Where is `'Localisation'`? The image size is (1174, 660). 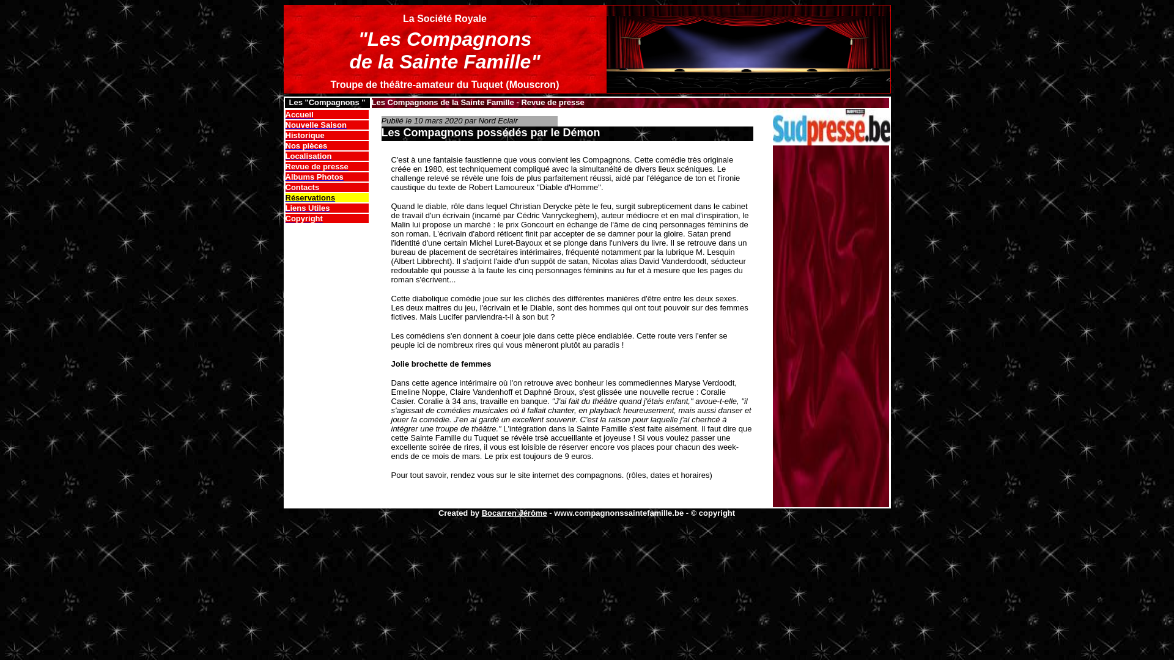
'Localisation' is located at coordinates (284, 155).